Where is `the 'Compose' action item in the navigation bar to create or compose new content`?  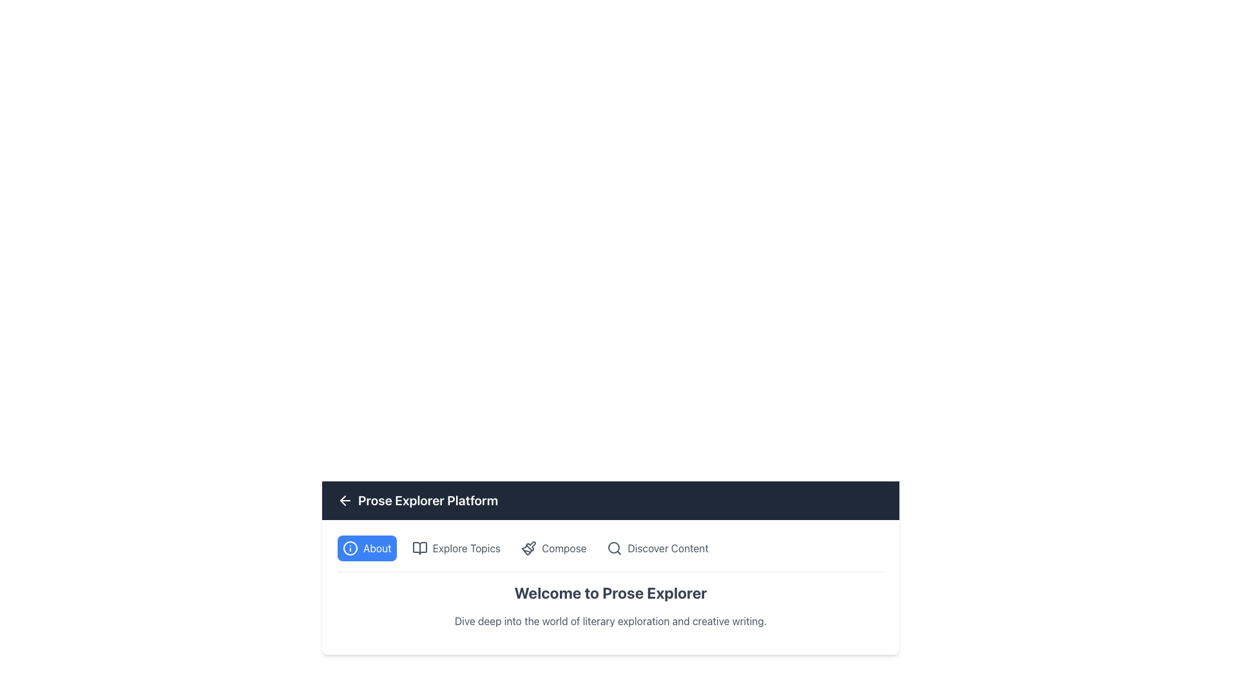
the 'Compose' action item in the navigation bar to create or compose new content is located at coordinates (563, 548).